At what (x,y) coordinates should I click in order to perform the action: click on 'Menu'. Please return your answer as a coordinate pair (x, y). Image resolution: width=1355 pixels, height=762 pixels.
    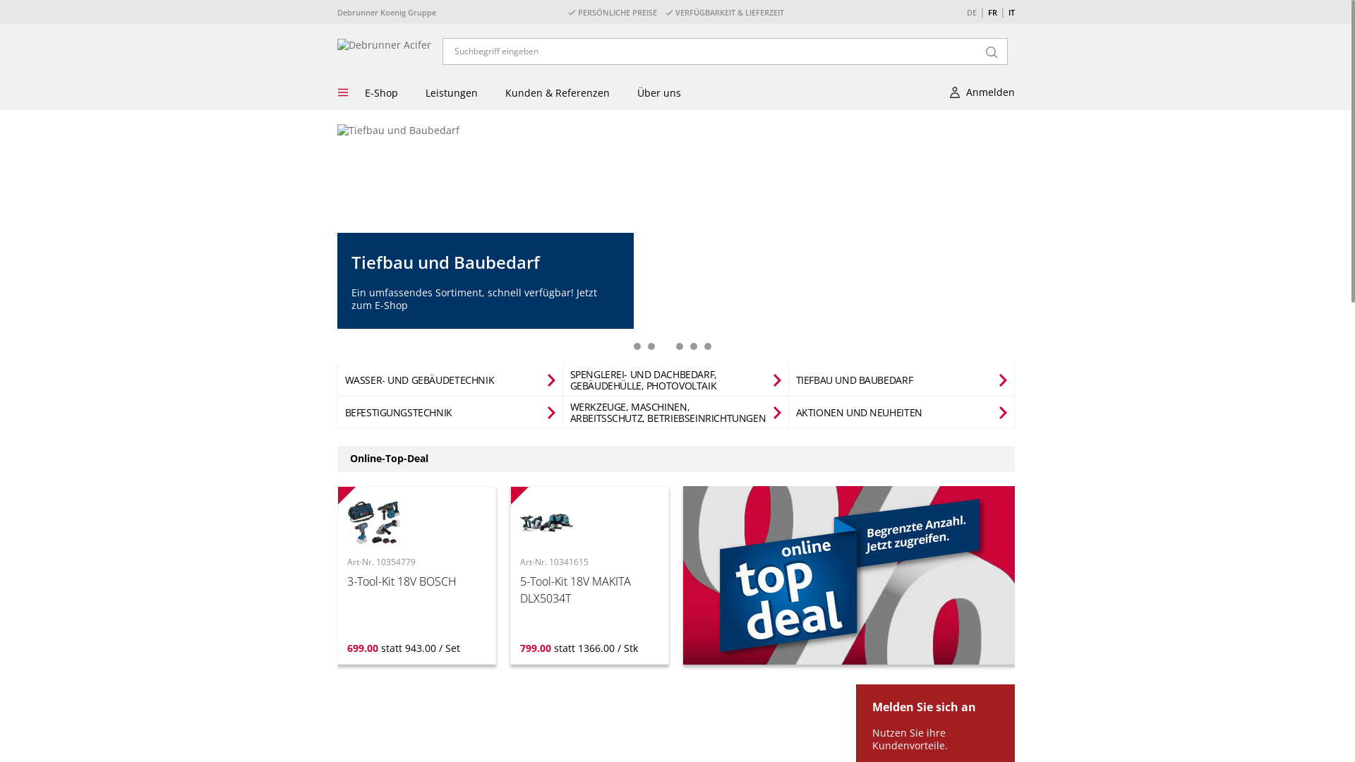
    Looking at the image, I should click on (344, 92).